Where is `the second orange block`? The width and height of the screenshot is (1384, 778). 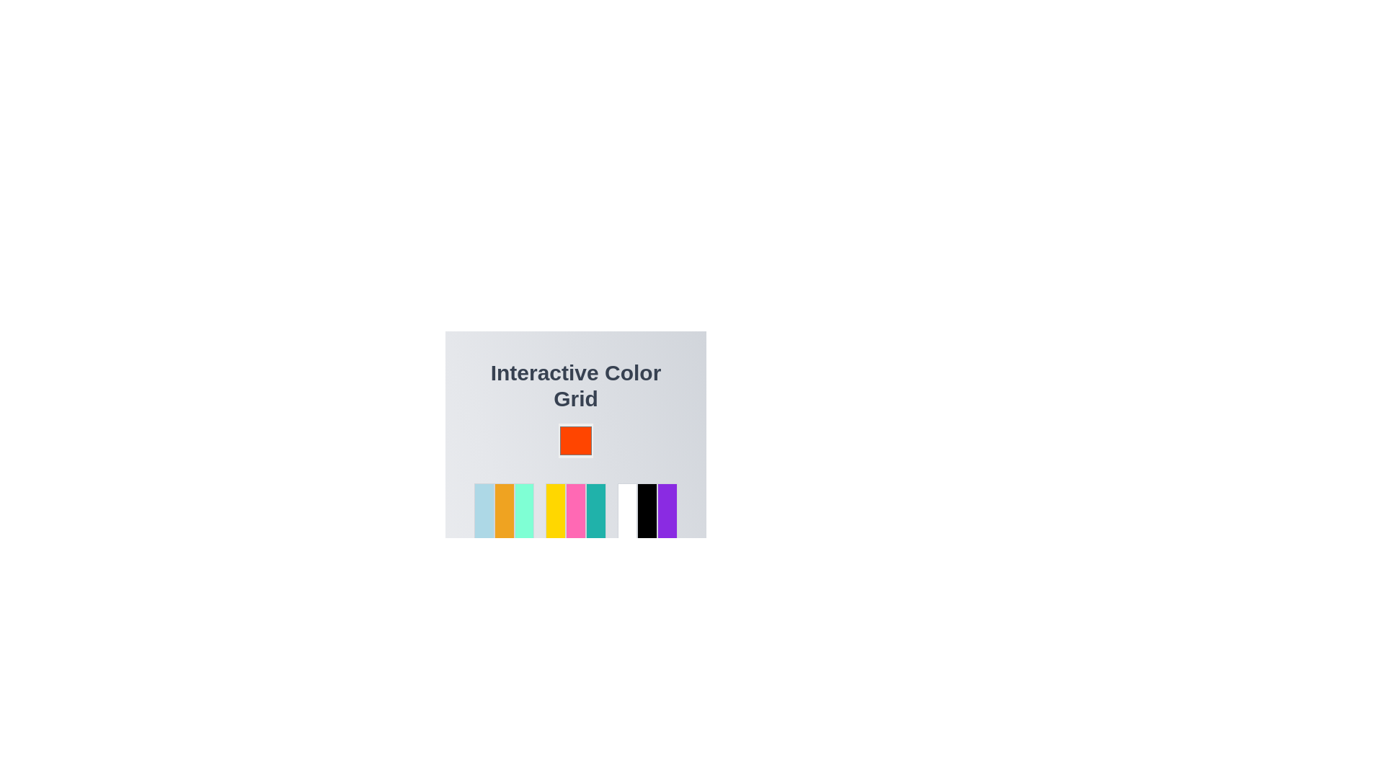 the second orange block is located at coordinates (504, 511).